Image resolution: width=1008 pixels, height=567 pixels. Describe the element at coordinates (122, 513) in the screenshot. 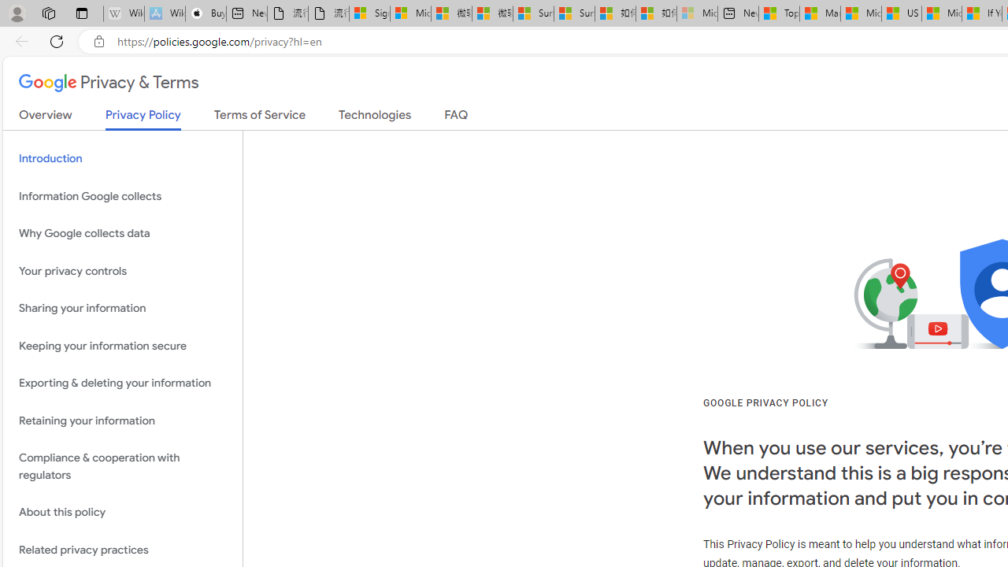

I see `'About this policy'` at that location.